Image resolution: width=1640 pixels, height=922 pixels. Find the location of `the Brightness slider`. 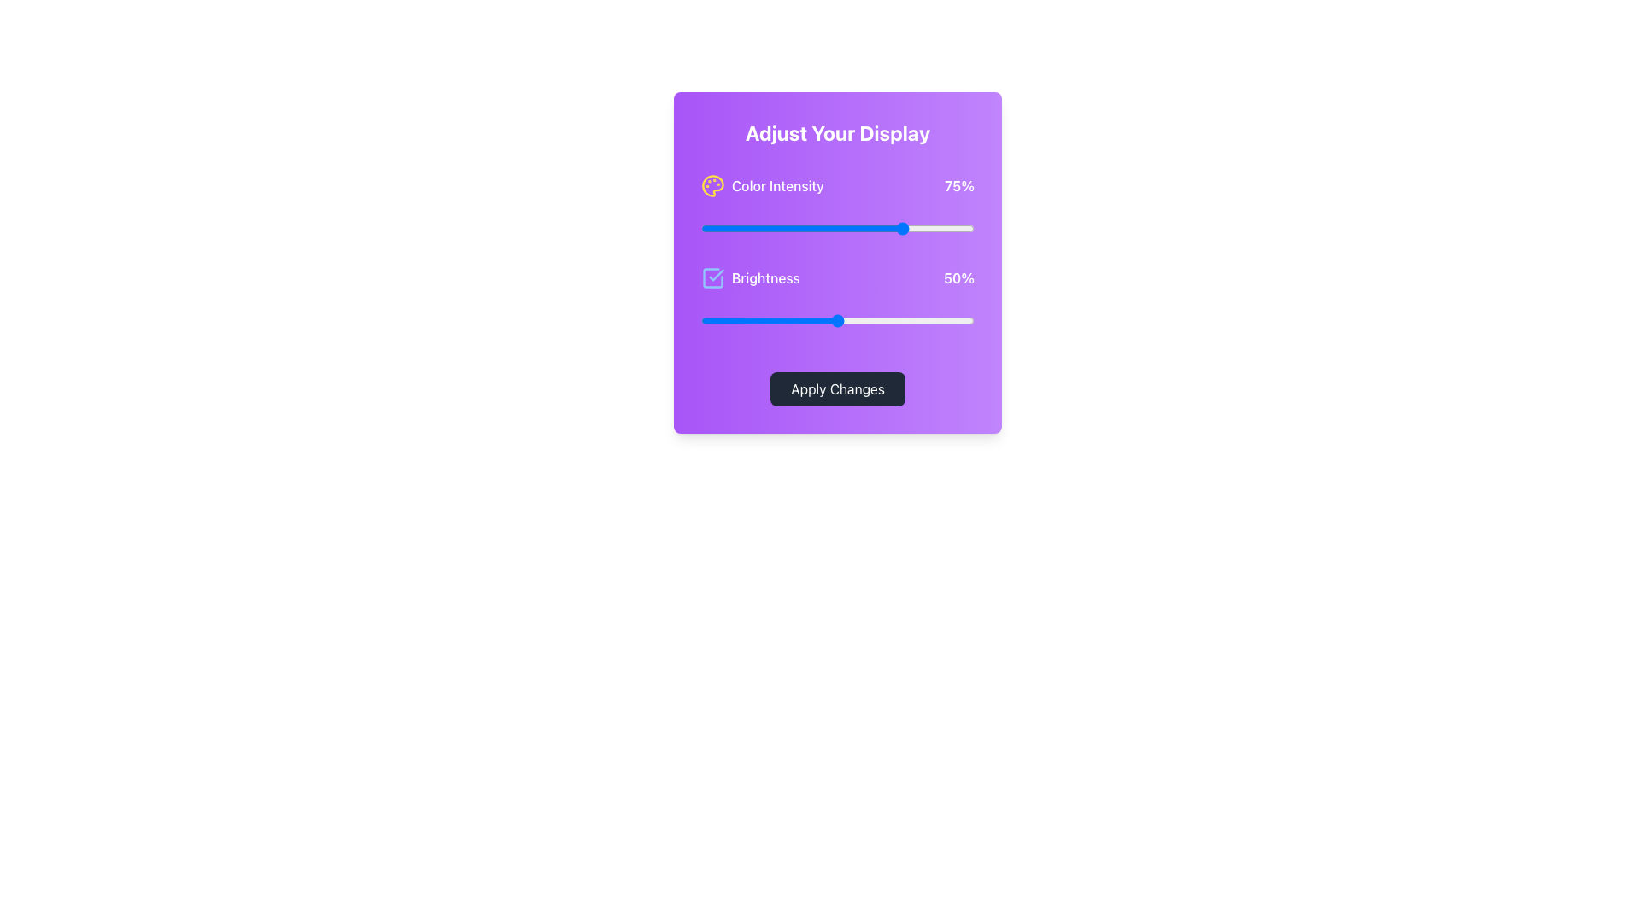

the Brightness slider is located at coordinates (946, 320).